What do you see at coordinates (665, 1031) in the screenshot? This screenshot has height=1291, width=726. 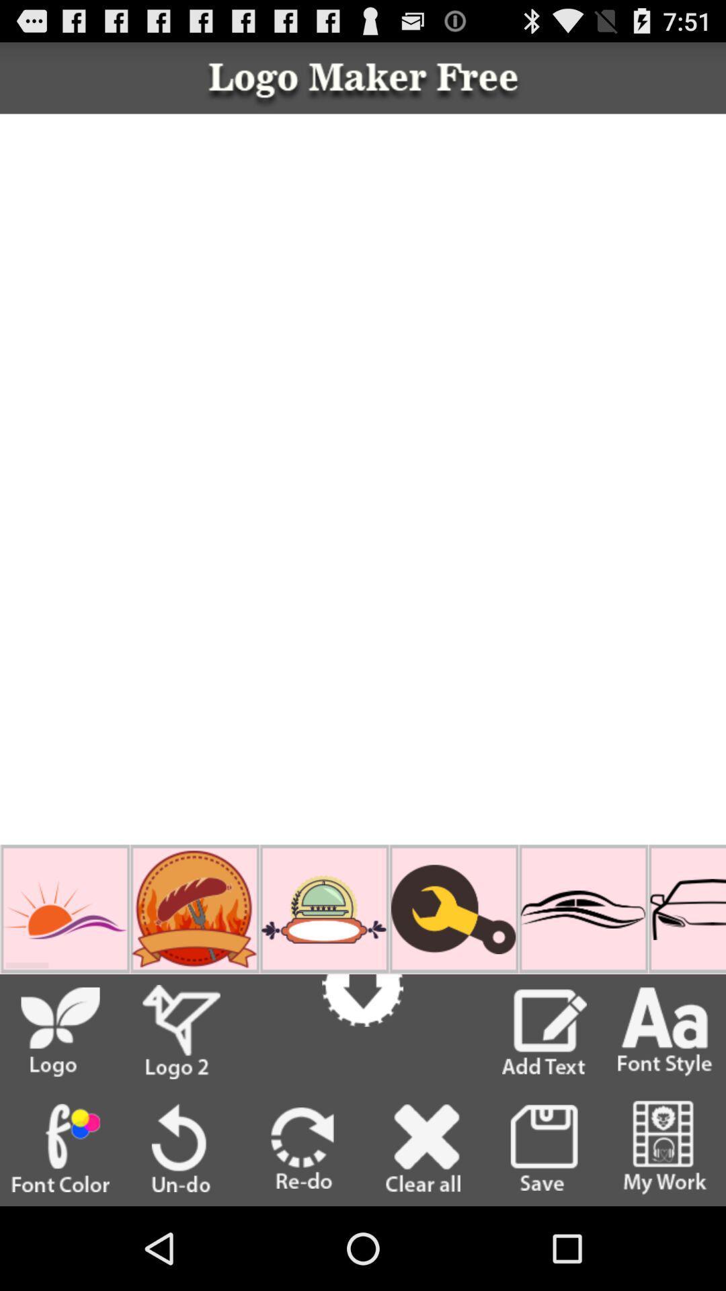 I see `the font style` at bounding box center [665, 1031].